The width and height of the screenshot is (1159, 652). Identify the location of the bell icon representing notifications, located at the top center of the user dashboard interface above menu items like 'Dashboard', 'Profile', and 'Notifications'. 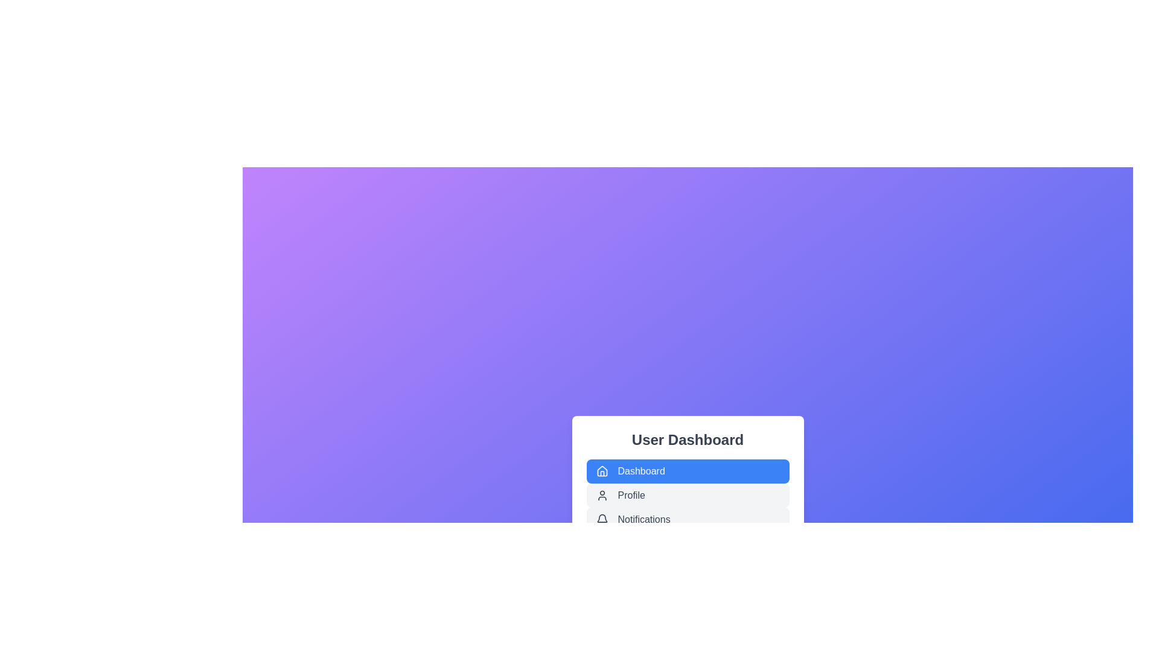
(602, 517).